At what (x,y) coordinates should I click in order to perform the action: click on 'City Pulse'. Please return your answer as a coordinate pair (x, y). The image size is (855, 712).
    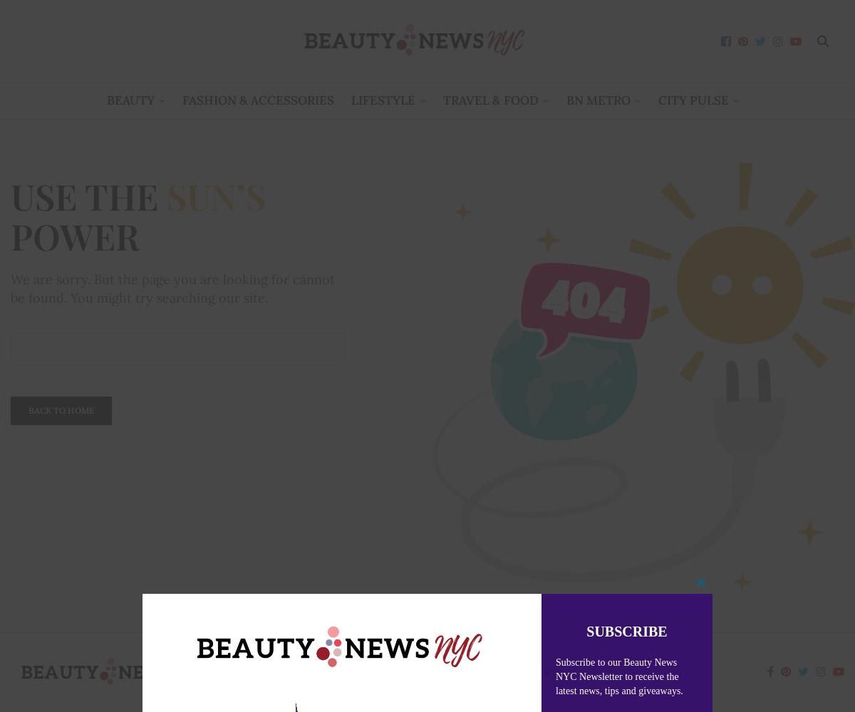
    Looking at the image, I should click on (693, 100).